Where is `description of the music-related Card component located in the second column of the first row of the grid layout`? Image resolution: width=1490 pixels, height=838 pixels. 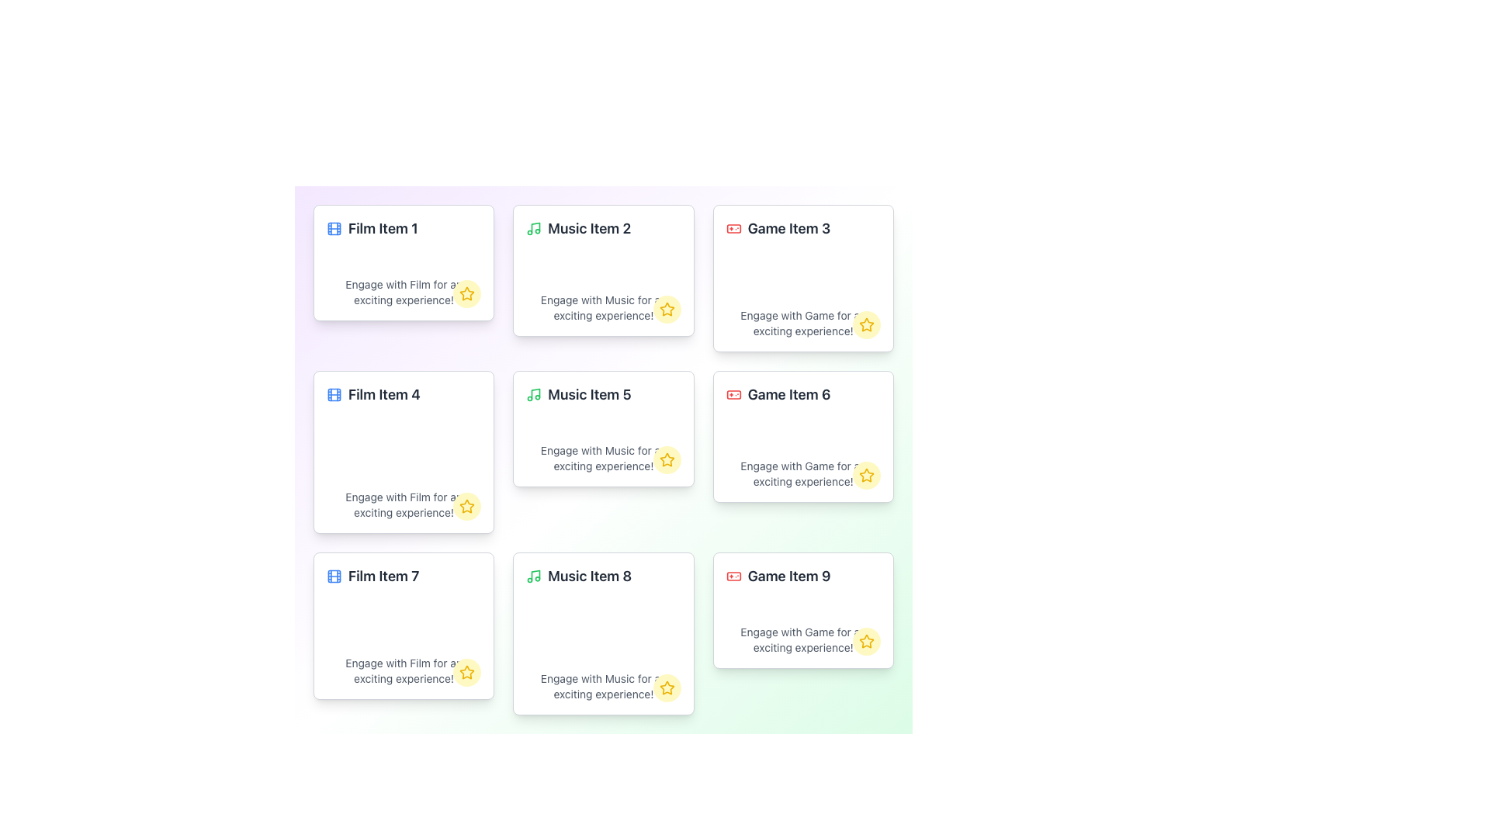 description of the music-related Card component located in the second column of the first row of the grid layout is located at coordinates (602, 269).